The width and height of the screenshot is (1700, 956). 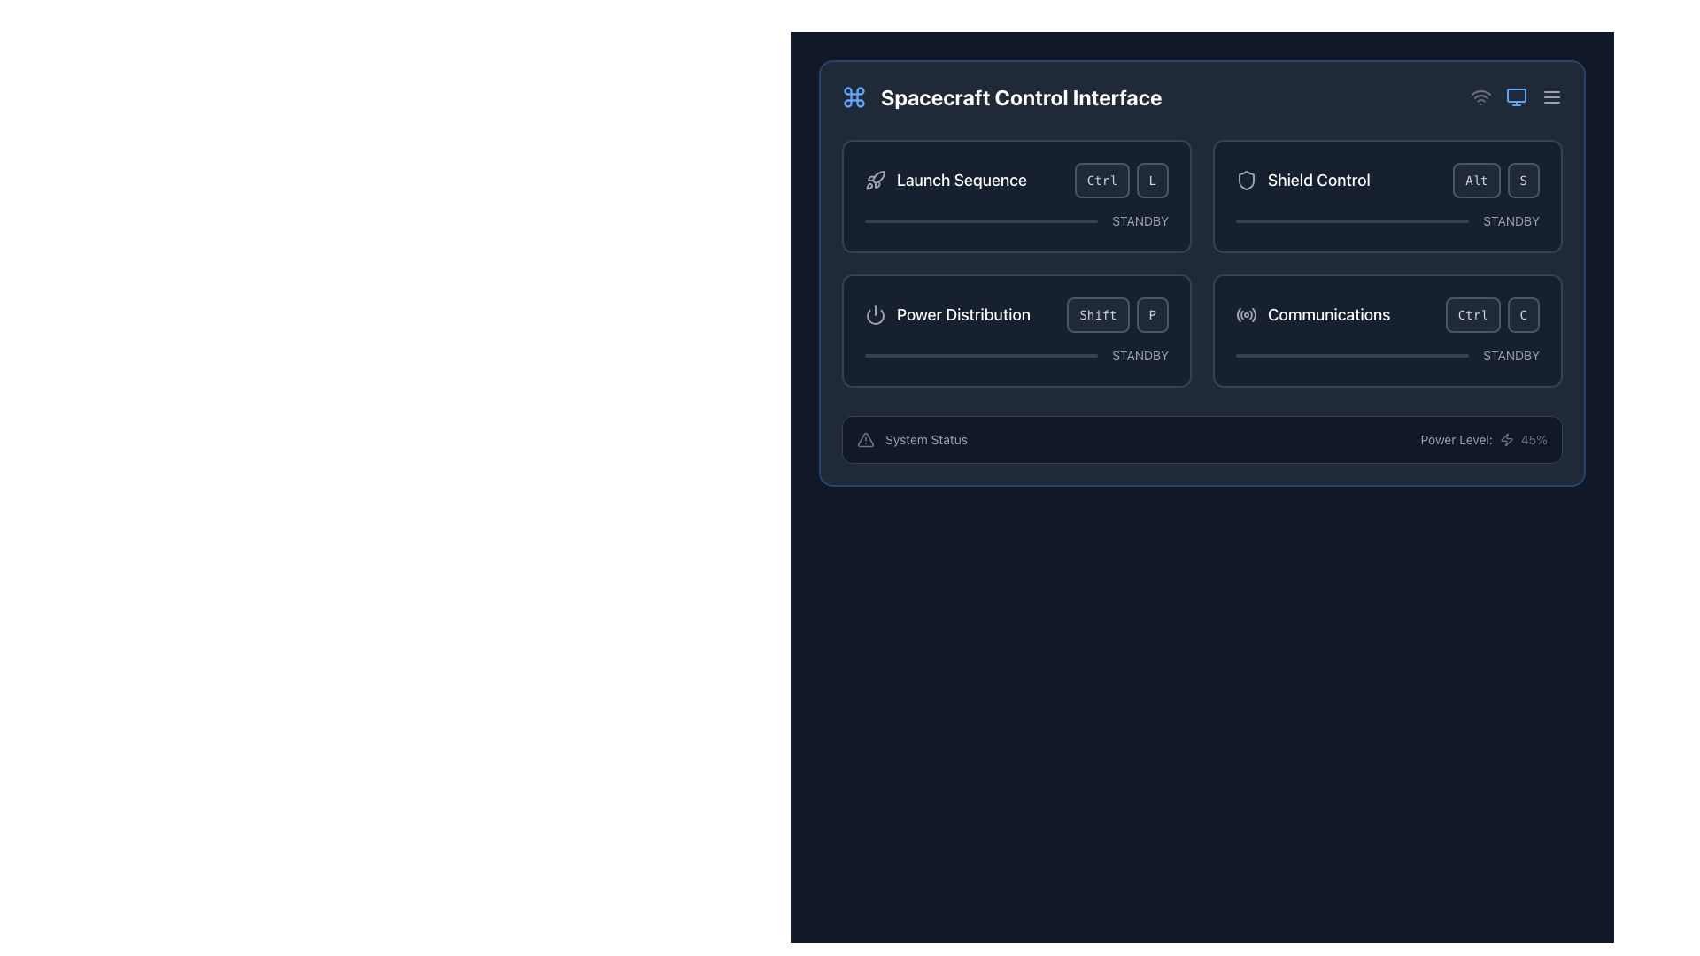 I want to click on the shield control, so click(x=1336, y=220).